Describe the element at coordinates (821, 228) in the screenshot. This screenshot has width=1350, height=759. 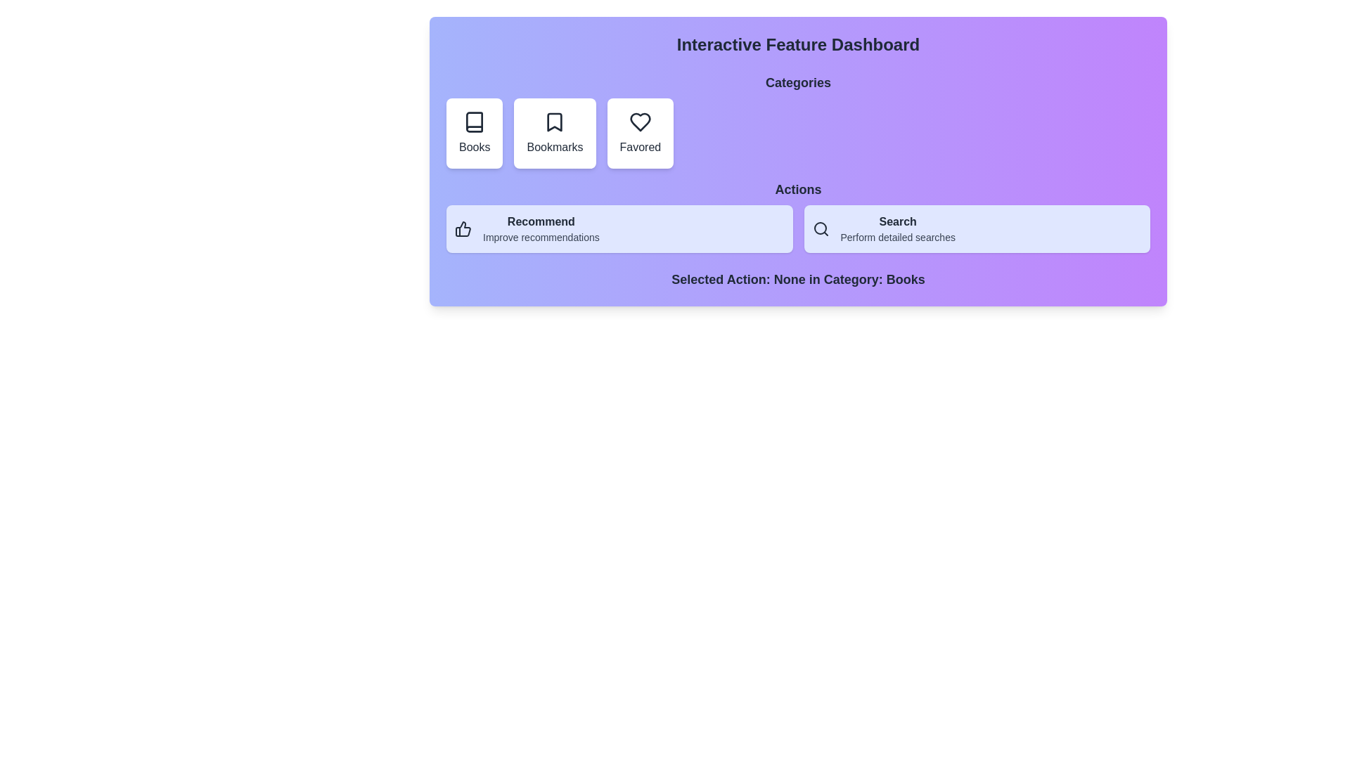
I see `the search button icon located on the second action button in the 'Actions' section, specifically inside the 'Search' button to the left of the text label` at that location.